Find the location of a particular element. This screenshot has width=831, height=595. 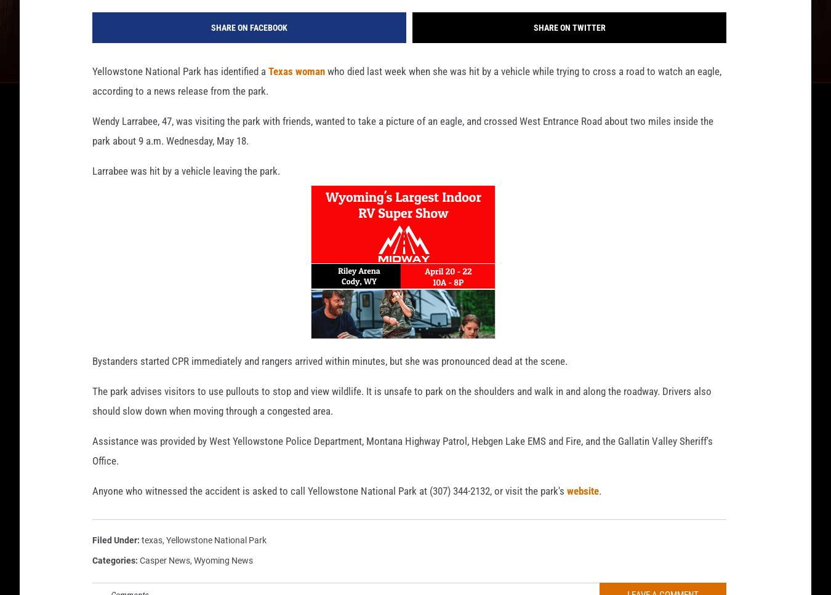

'Bystanders started CPR immediately and rangers arrived within minutes, but she was pronounced dead at the scene.' is located at coordinates (329, 380).